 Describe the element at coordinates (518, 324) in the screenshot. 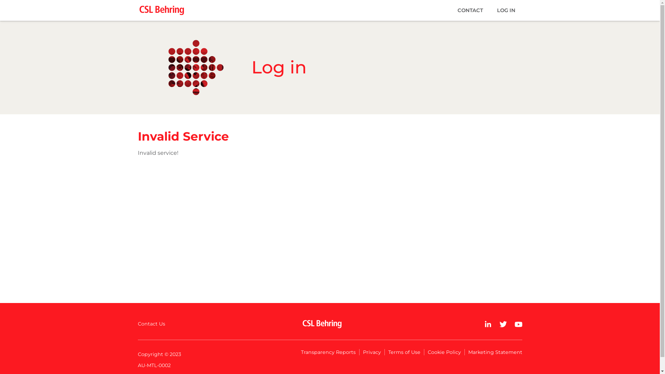

I see `'YouTube'` at that location.